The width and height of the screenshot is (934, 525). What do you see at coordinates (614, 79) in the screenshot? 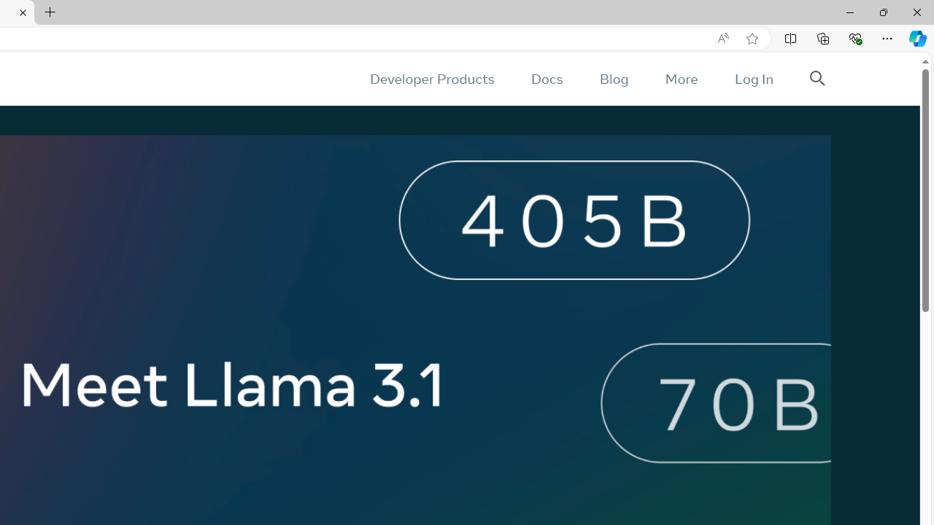
I see `'Blog'` at bounding box center [614, 79].